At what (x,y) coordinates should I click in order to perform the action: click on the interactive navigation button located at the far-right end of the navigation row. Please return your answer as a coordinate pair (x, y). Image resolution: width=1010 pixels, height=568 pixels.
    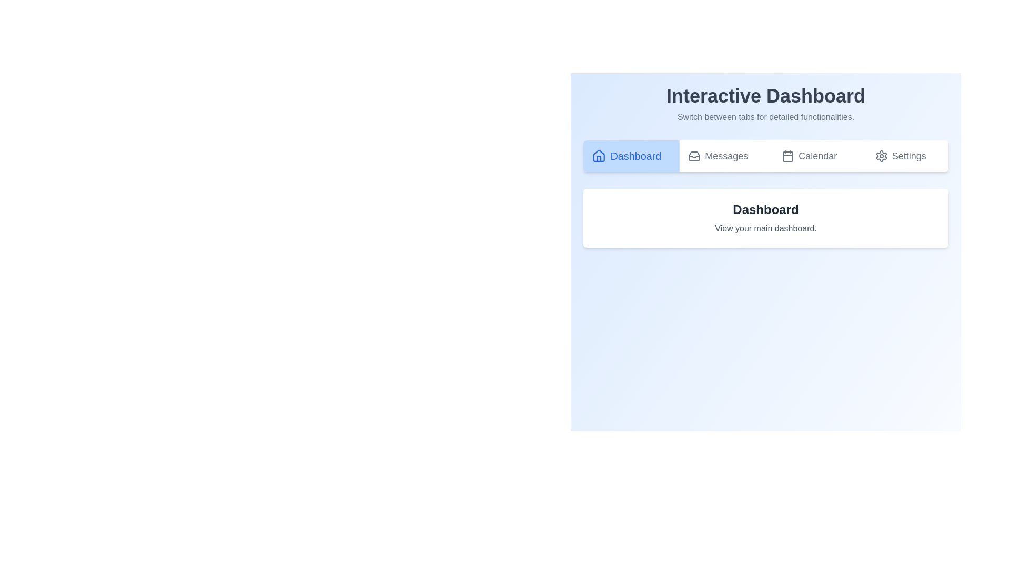
    Looking at the image, I should click on (902, 156).